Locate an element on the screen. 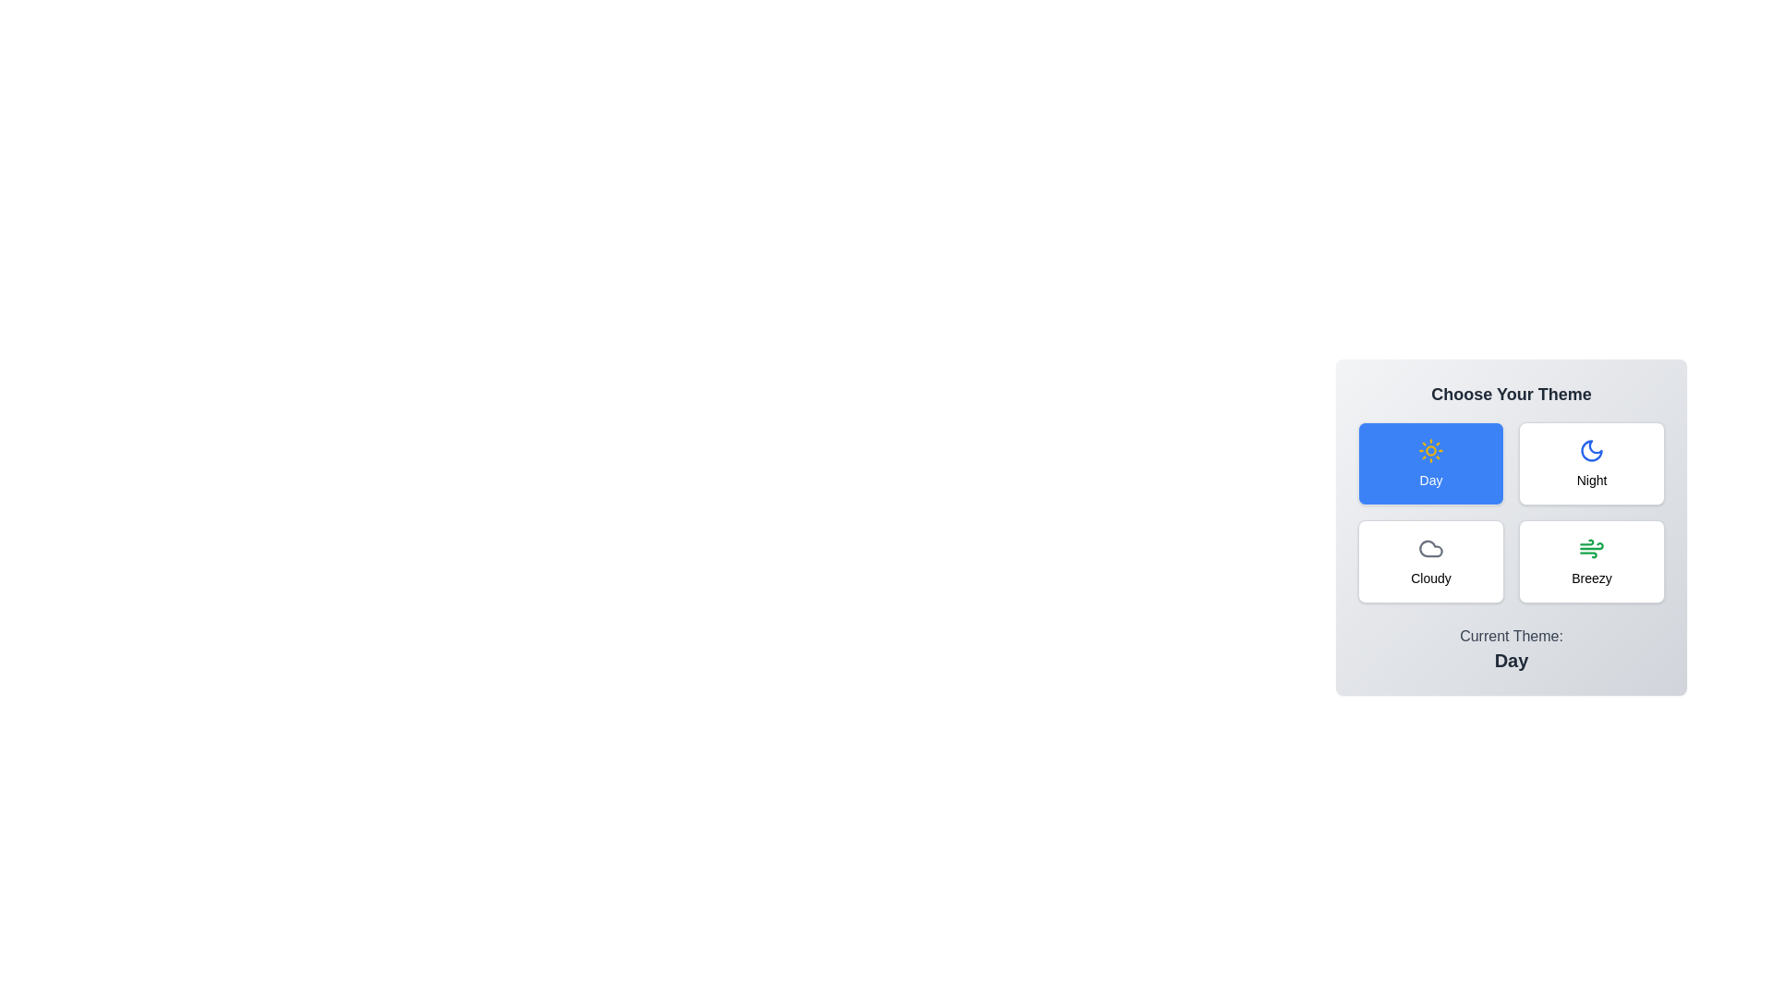  the button corresponding to the theme Day is located at coordinates (1430, 462).